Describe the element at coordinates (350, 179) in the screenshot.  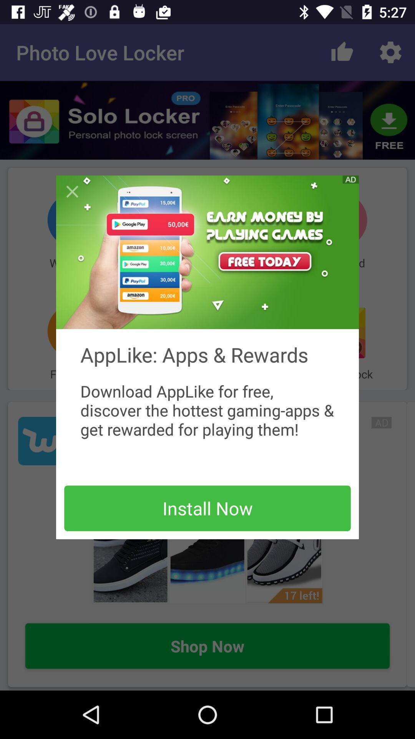
I see `advertisement button` at that location.